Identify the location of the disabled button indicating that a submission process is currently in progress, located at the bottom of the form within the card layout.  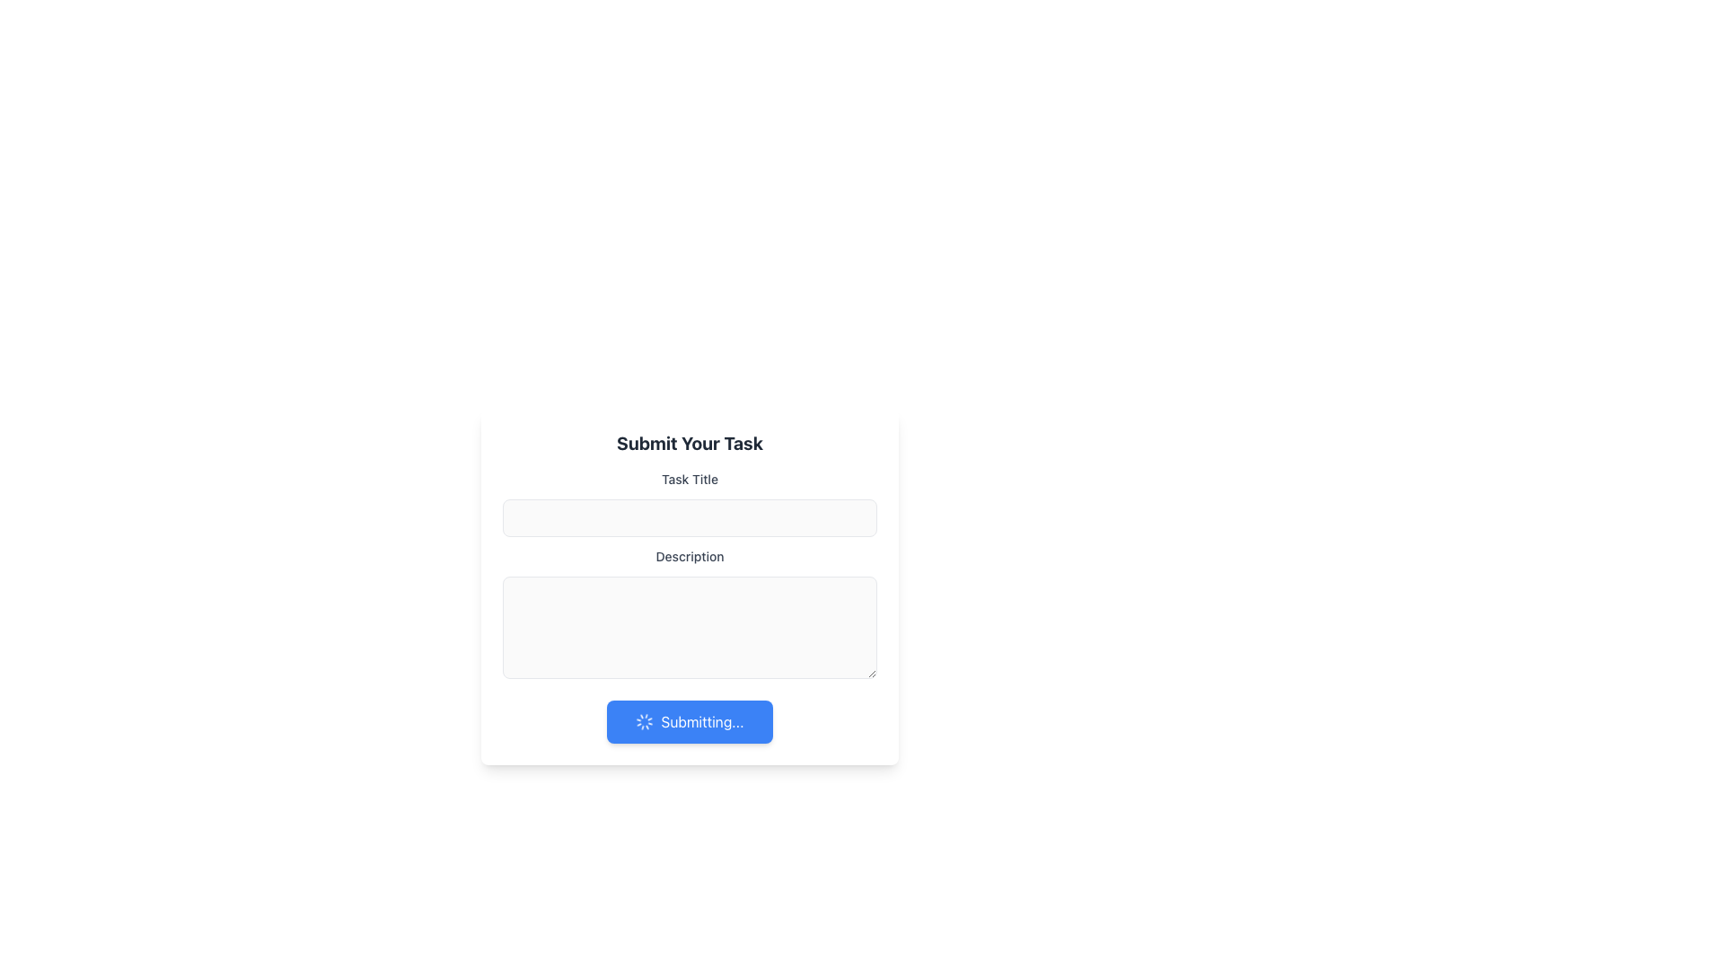
(689, 720).